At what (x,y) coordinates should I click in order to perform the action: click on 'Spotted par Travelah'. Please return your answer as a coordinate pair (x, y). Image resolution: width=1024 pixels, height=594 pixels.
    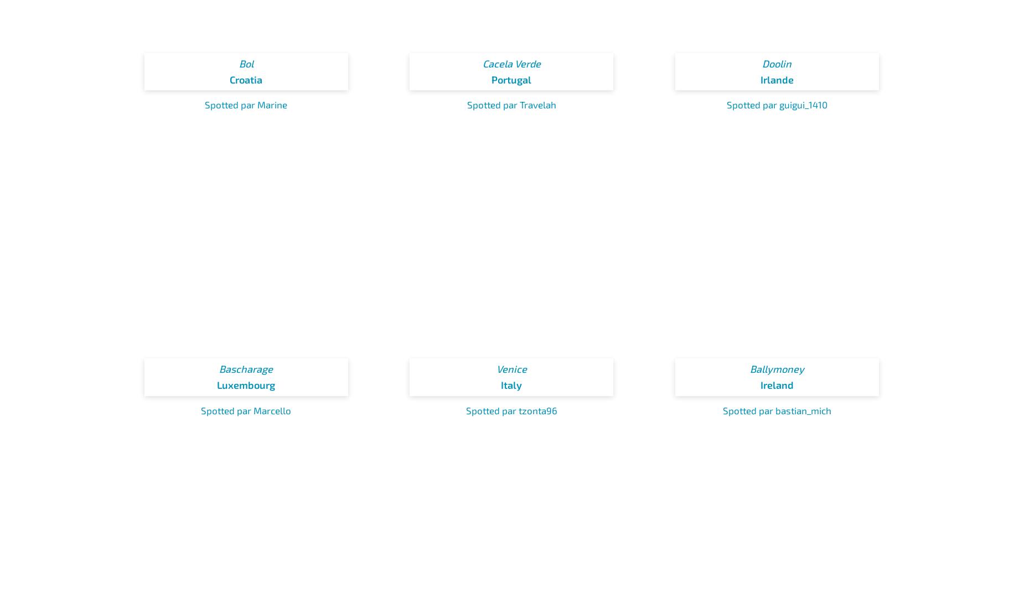
    Looking at the image, I should click on (511, 105).